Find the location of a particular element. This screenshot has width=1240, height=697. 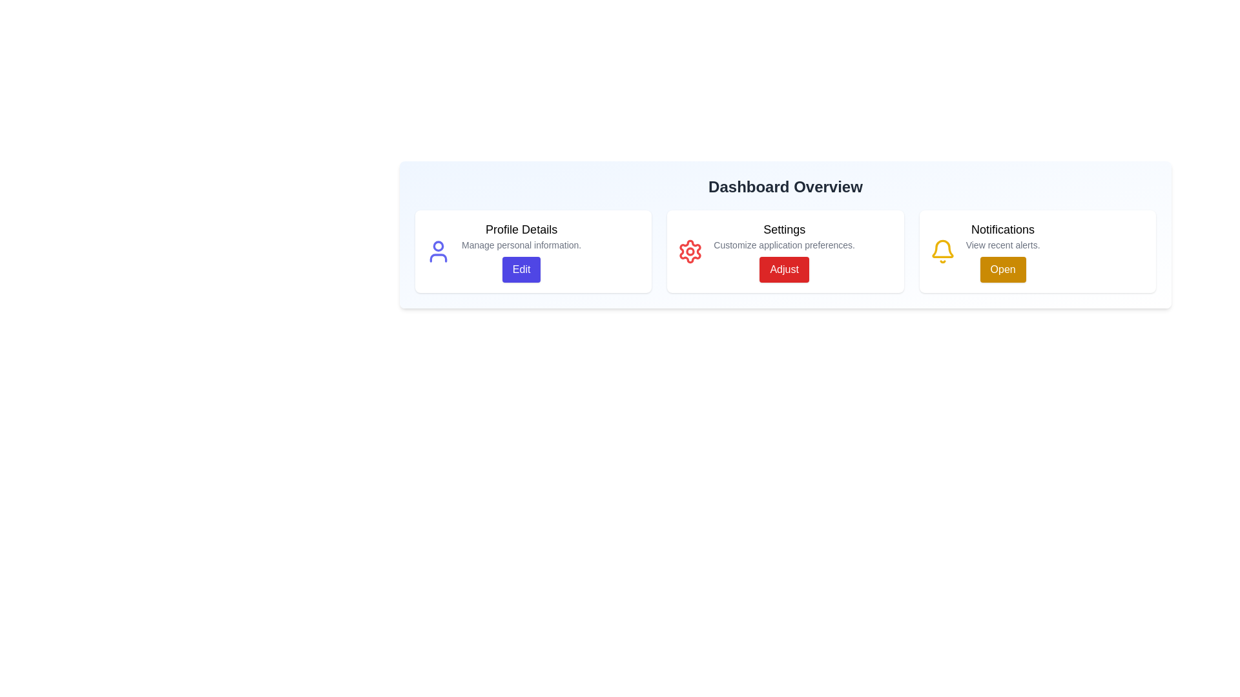

the prominently styled button with a red background and white text displaying 'Adjust', located centrally in the settings card is located at coordinates (783, 268).